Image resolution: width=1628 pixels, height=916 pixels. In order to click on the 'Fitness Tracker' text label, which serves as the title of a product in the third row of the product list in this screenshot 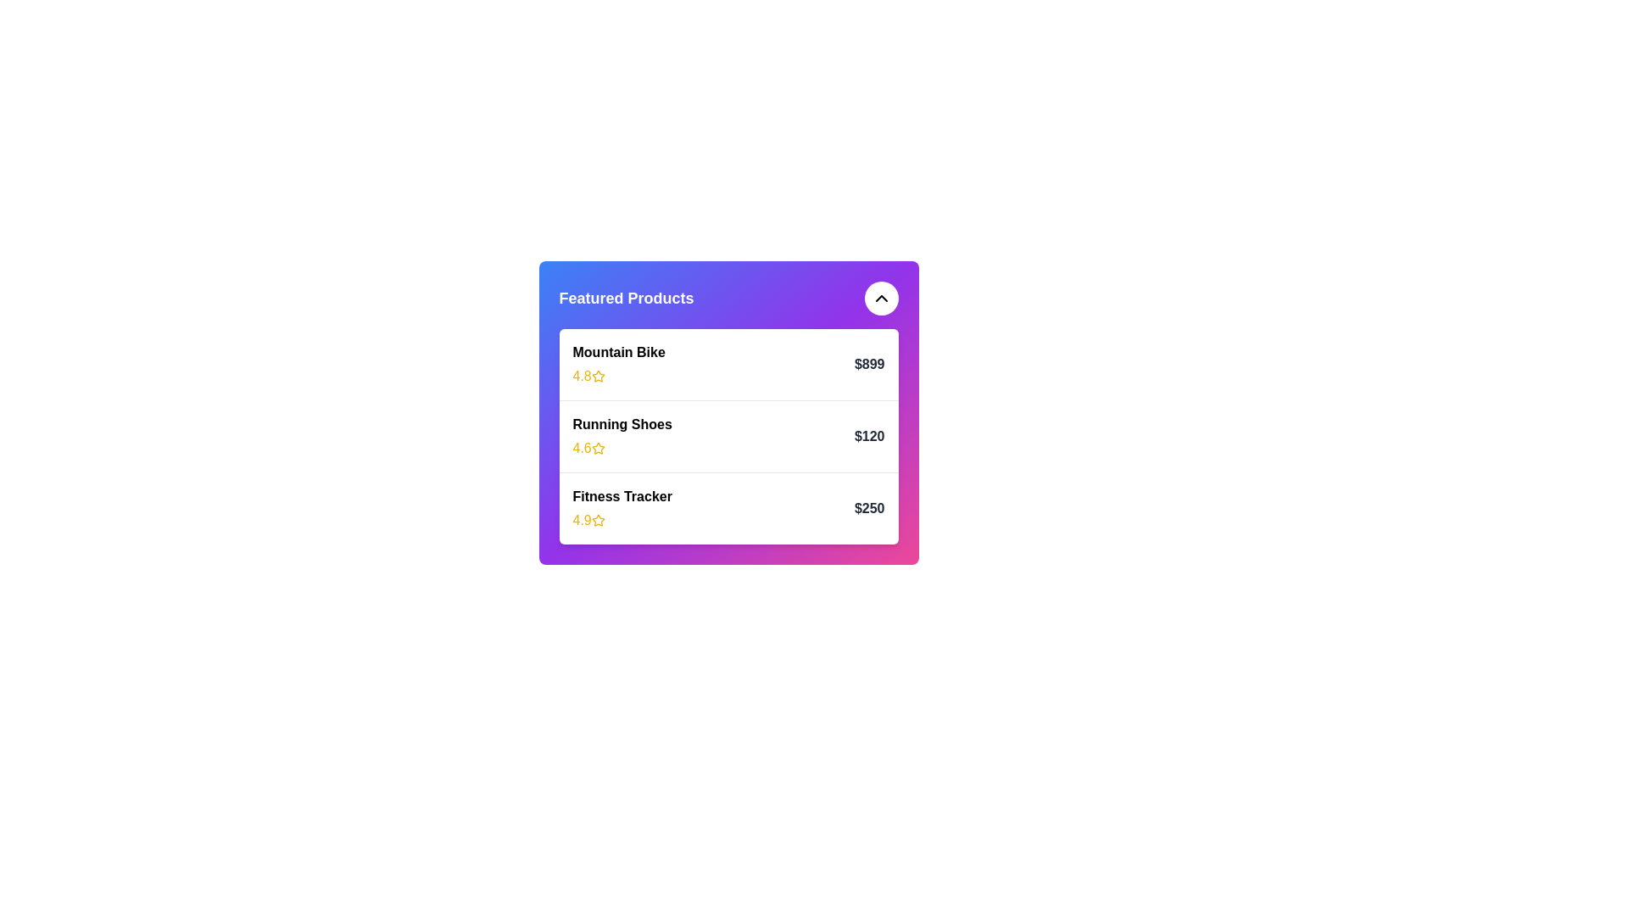, I will do `click(622, 496)`.